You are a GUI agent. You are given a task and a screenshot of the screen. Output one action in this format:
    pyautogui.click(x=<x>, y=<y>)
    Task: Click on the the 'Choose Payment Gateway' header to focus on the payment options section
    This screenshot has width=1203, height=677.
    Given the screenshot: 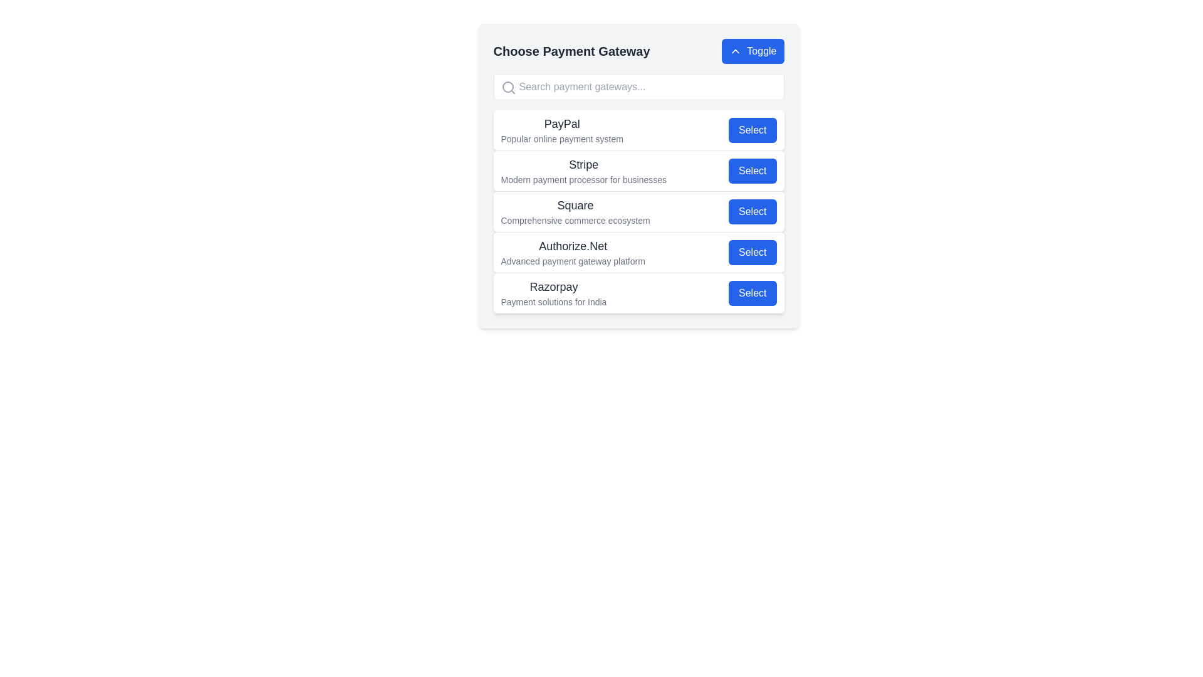 What is the action you would take?
    pyautogui.click(x=638, y=50)
    